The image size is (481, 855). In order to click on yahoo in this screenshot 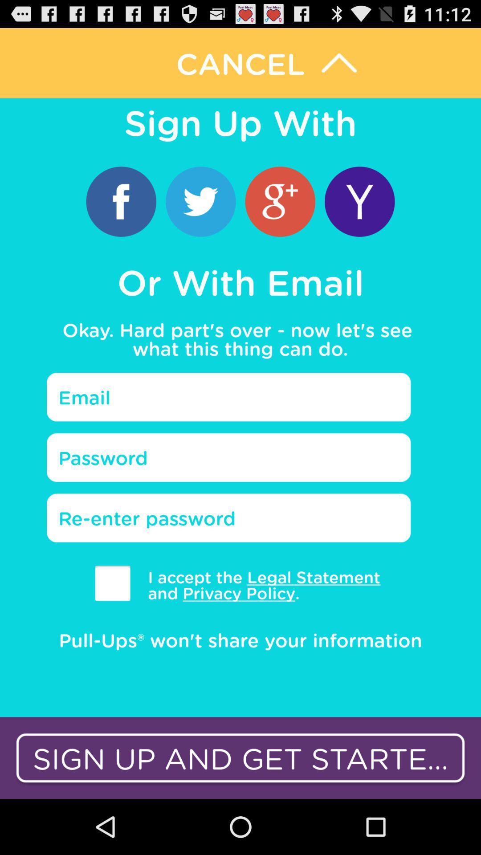, I will do `click(359, 201)`.